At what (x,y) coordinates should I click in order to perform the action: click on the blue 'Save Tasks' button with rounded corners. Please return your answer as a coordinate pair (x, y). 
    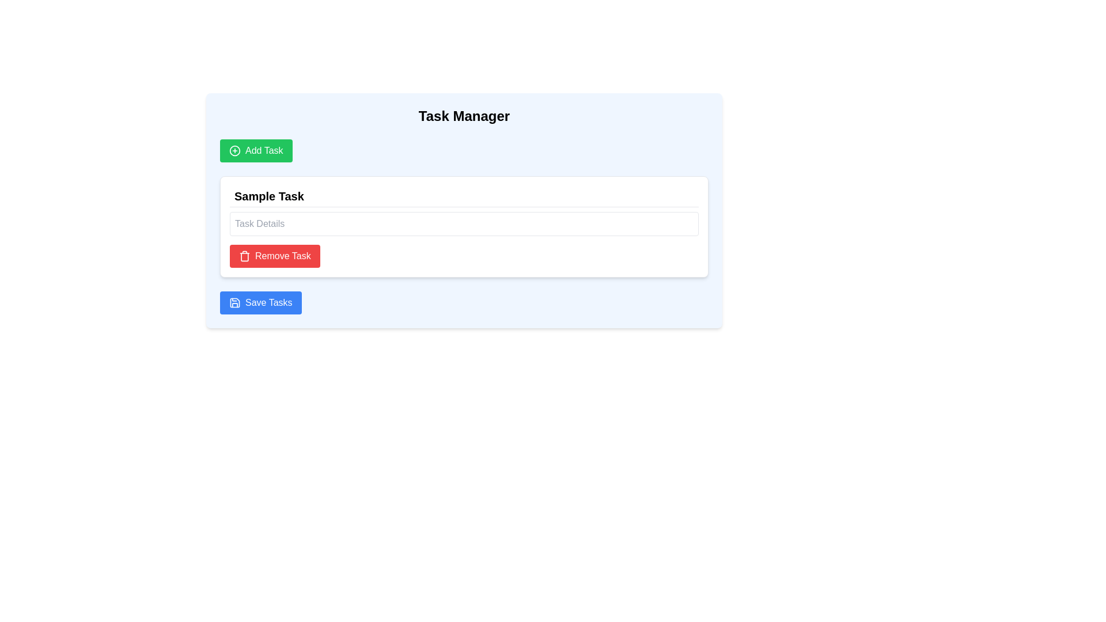
    Looking at the image, I should click on (260, 302).